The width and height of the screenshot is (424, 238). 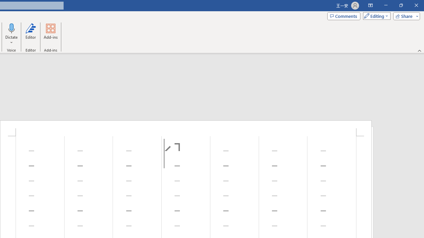 I want to click on 'Share', so click(x=405, y=16).